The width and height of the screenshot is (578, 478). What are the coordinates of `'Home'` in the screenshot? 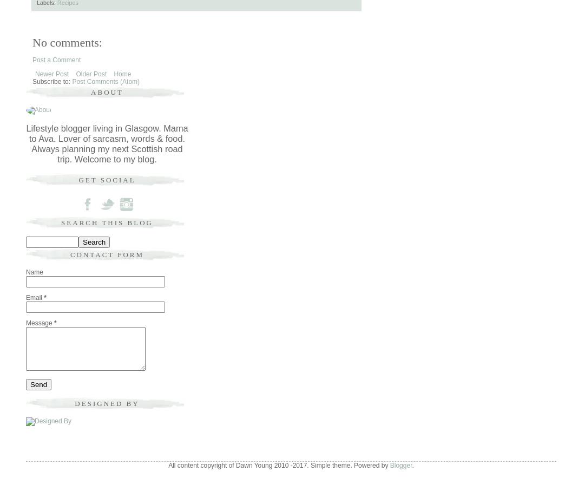 It's located at (122, 73).